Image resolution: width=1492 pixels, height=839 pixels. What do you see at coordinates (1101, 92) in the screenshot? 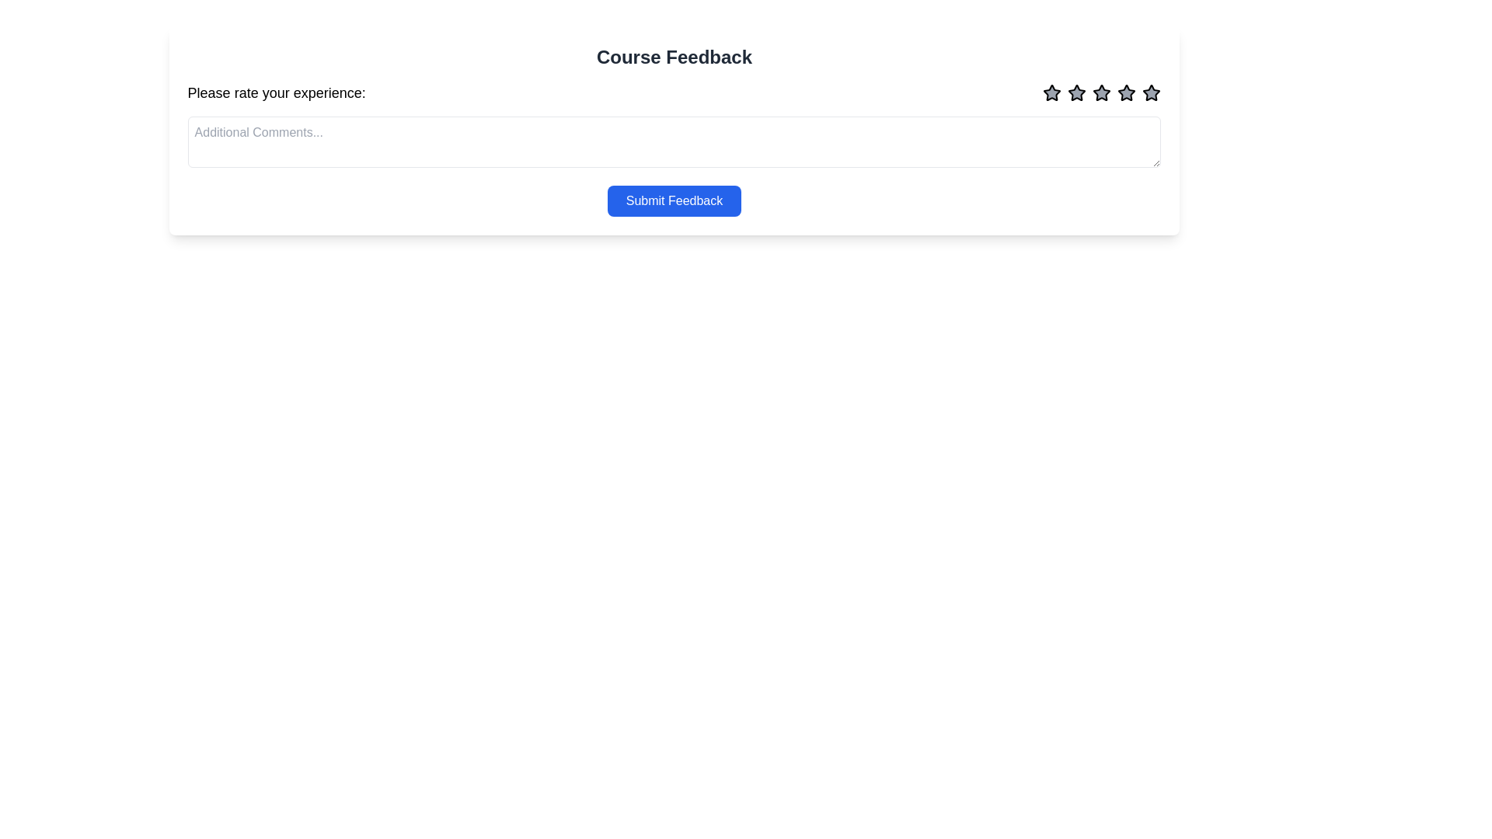
I see `the third rating star in the rating interface` at bounding box center [1101, 92].